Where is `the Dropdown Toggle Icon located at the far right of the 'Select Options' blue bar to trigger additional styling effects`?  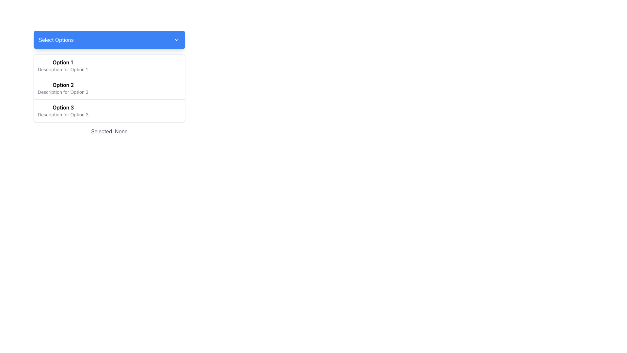
the Dropdown Toggle Icon located at the far right of the 'Select Options' blue bar to trigger additional styling effects is located at coordinates (177, 40).